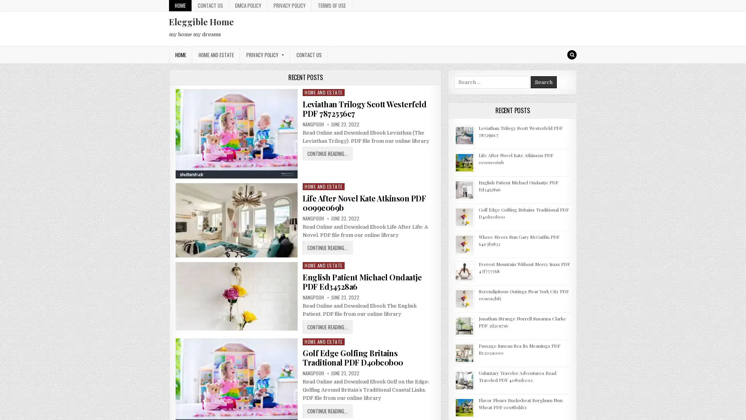 The image size is (746, 420). What do you see at coordinates (543, 82) in the screenshot?
I see `Search` at bounding box center [543, 82].